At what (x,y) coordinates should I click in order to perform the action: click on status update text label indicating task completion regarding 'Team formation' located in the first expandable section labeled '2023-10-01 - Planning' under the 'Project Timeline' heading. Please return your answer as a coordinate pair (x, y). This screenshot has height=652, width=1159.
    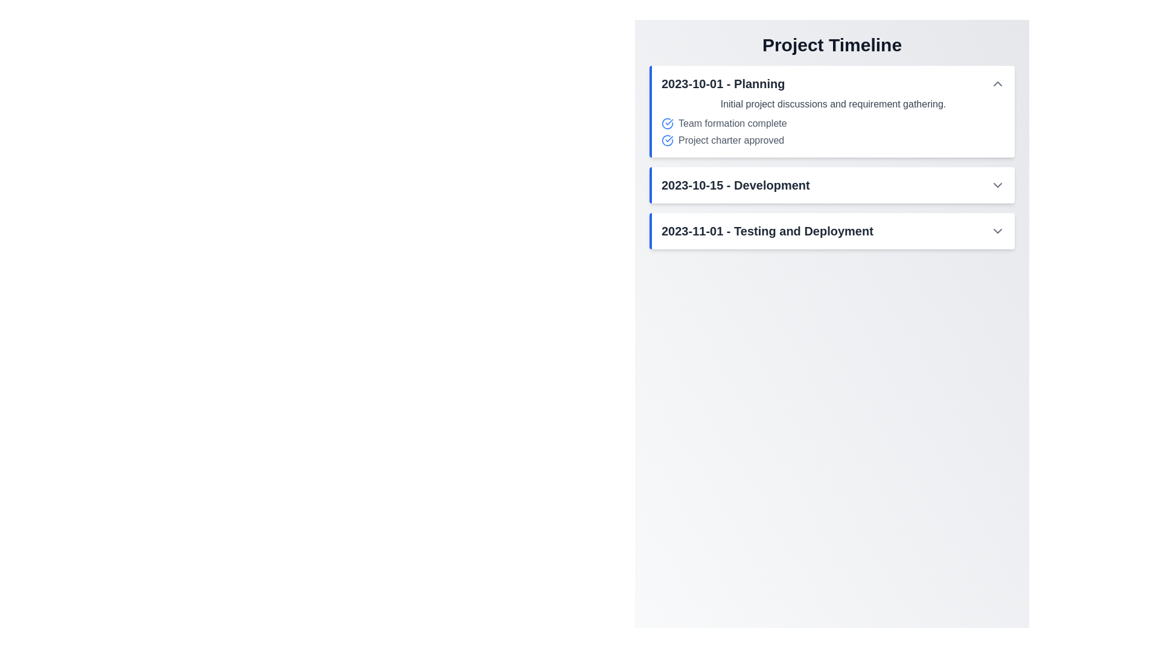
    Looking at the image, I should click on (732, 123).